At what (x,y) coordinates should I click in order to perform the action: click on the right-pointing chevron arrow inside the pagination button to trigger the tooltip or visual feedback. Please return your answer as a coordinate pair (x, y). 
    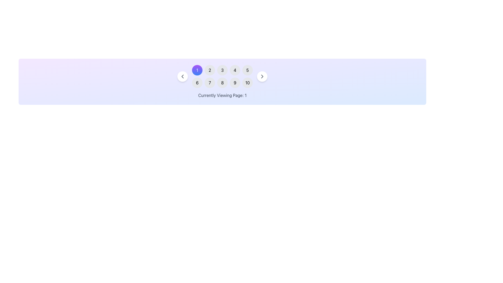
    Looking at the image, I should click on (262, 77).